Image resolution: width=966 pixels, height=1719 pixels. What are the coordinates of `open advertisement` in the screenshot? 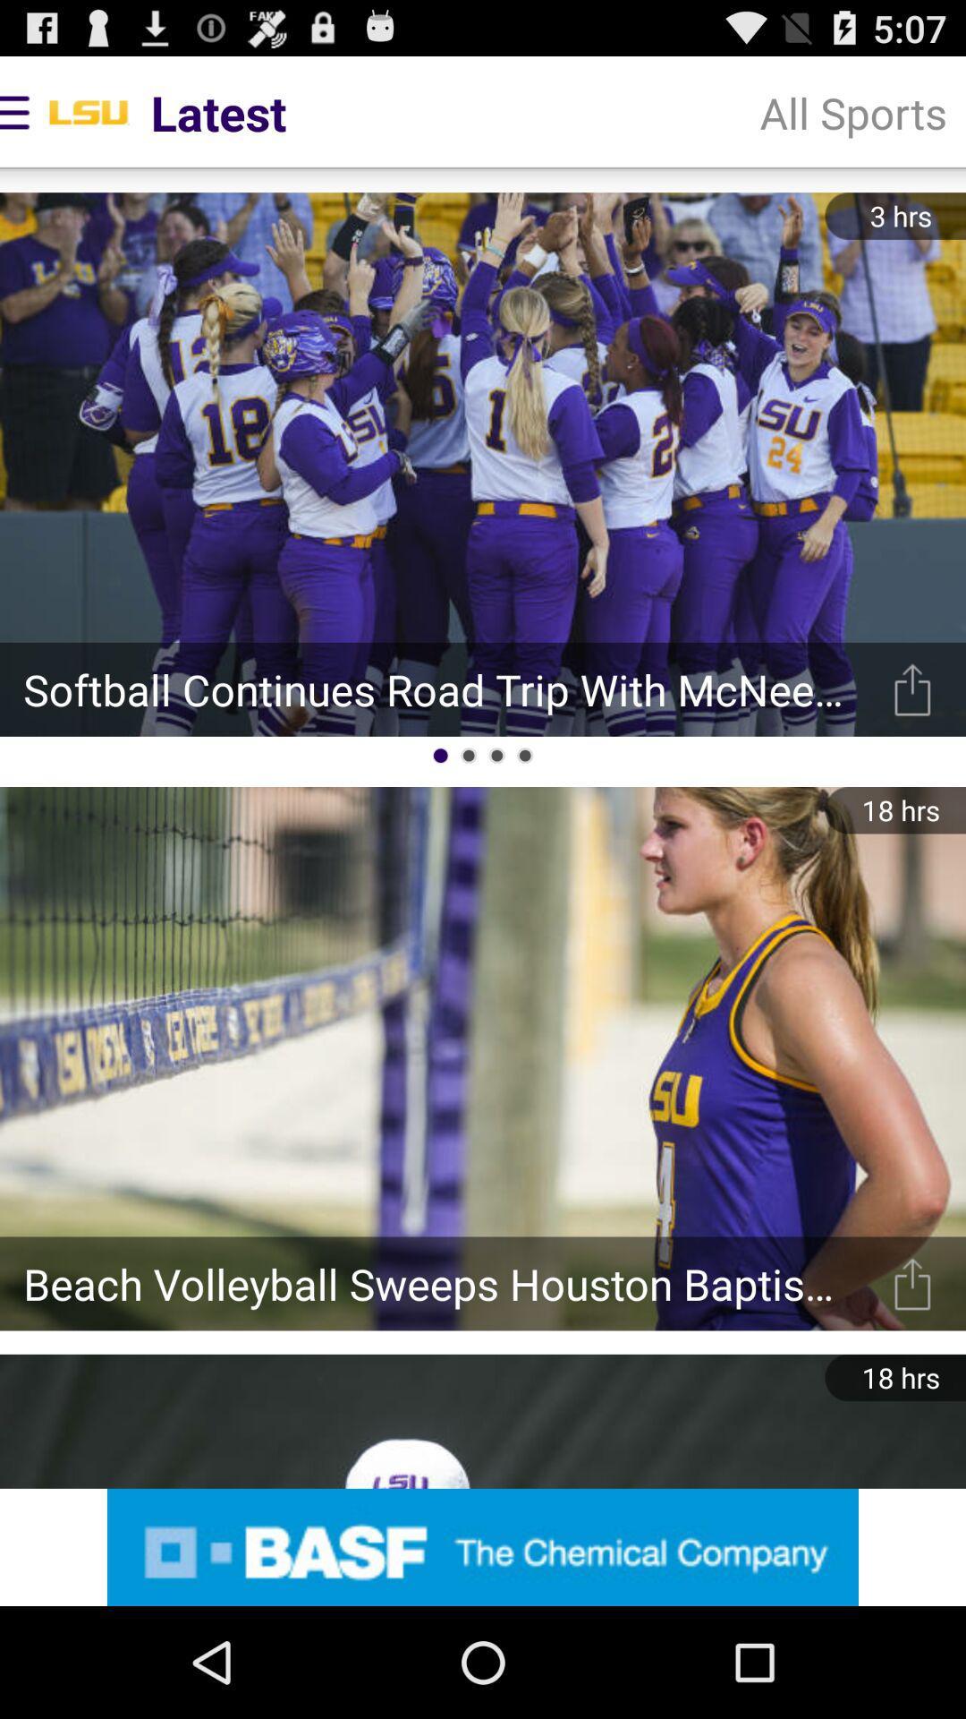 It's located at (483, 1546).